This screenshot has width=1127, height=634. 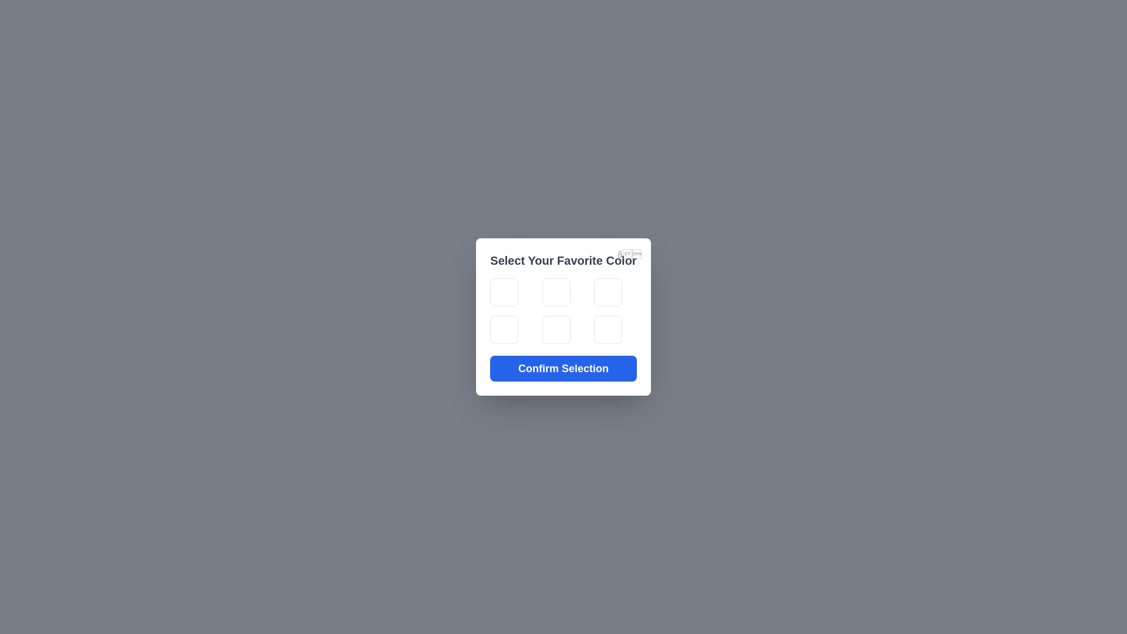 What do you see at coordinates (628, 254) in the screenshot?
I see `the close button to close the dialog` at bounding box center [628, 254].